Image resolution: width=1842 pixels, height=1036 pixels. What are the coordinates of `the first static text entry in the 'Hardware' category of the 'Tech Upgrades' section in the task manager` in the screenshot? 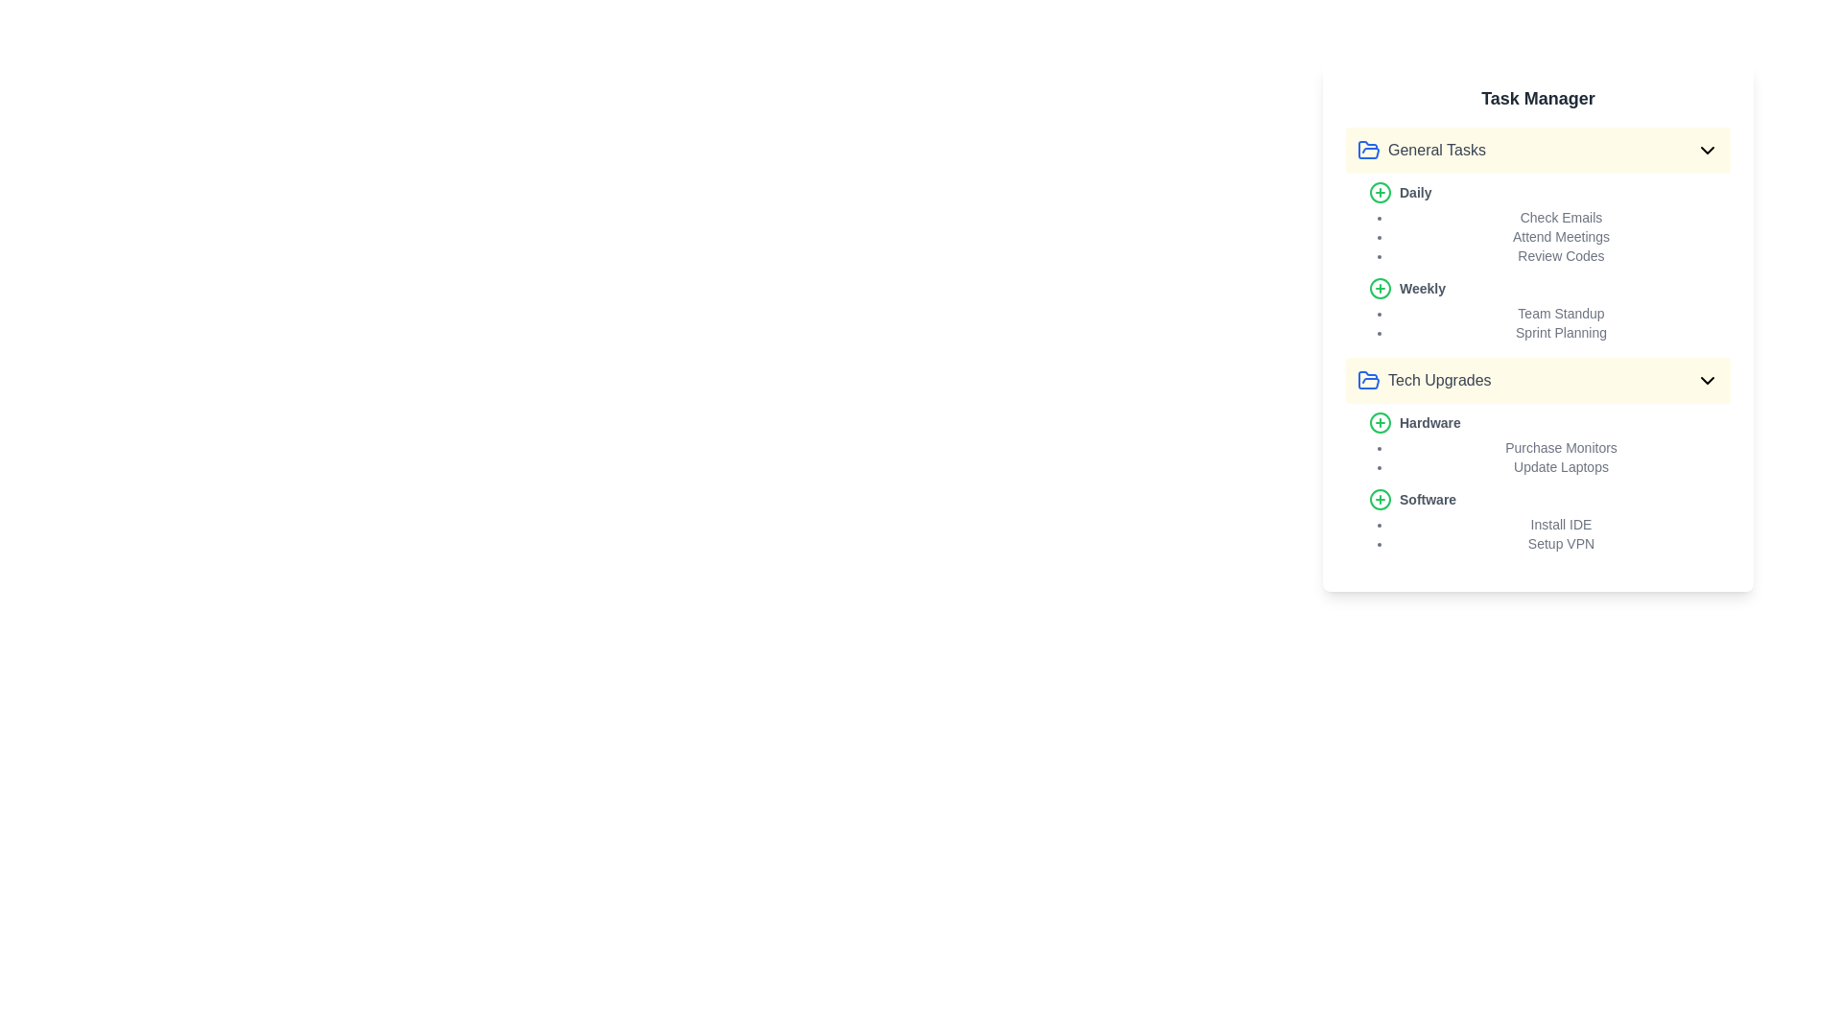 It's located at (1561, 447).